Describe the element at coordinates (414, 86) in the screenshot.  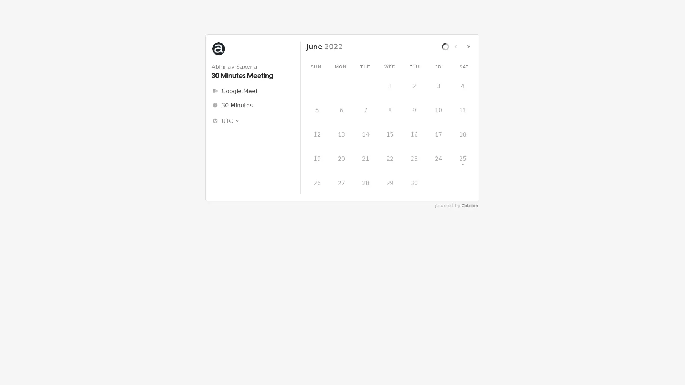
I see `2` at that location.